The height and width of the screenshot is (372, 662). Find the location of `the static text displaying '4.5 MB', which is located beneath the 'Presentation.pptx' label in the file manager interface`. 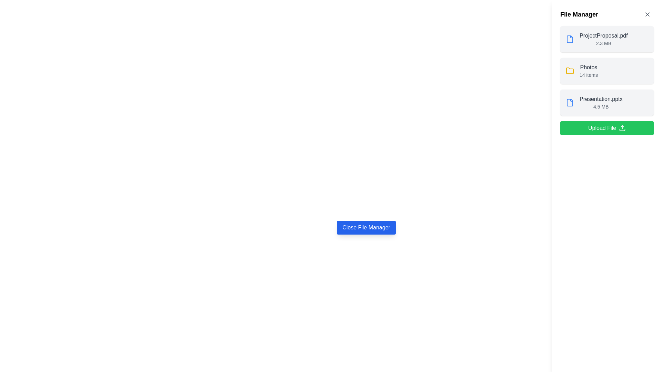

the static text displaying '4.5 MB', which is located beneath the 'Presentation.pptx' label in the file manager interface is located at coordinates (601, 106).